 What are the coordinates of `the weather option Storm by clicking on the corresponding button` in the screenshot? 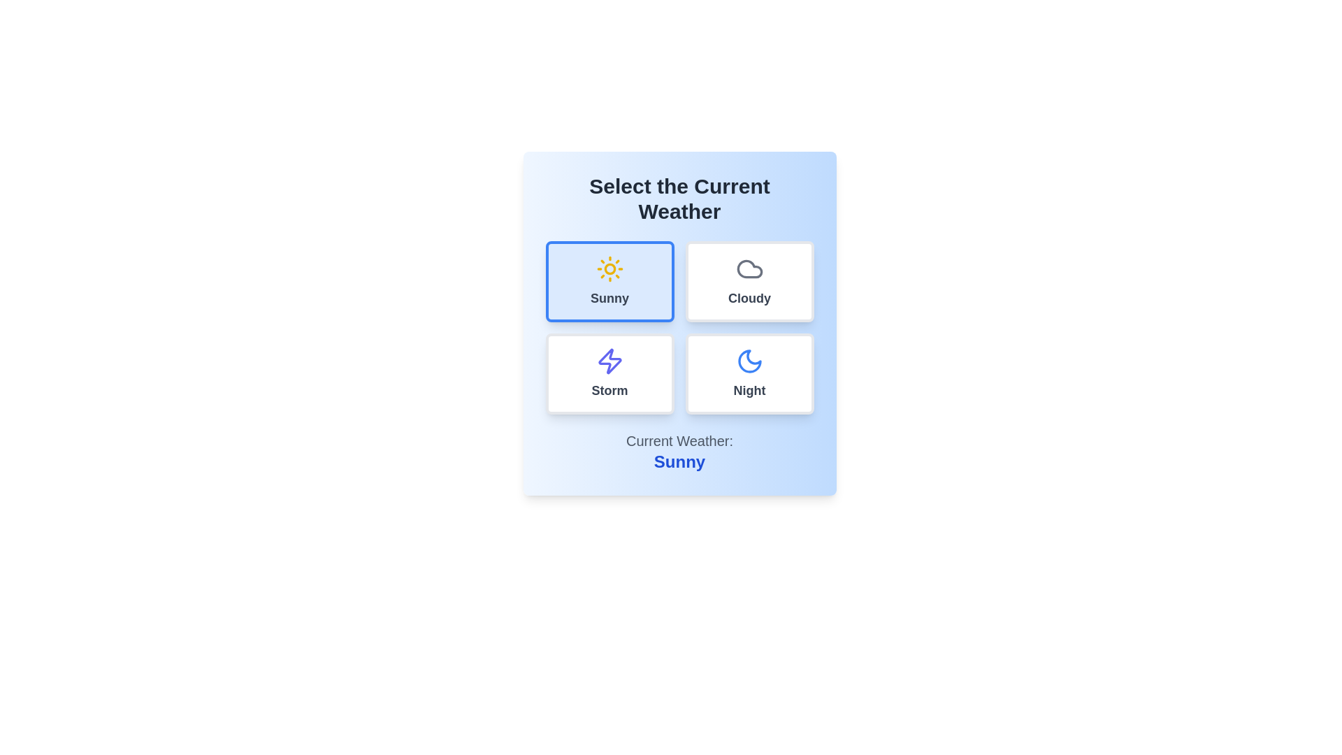 It's located at (609, 373).